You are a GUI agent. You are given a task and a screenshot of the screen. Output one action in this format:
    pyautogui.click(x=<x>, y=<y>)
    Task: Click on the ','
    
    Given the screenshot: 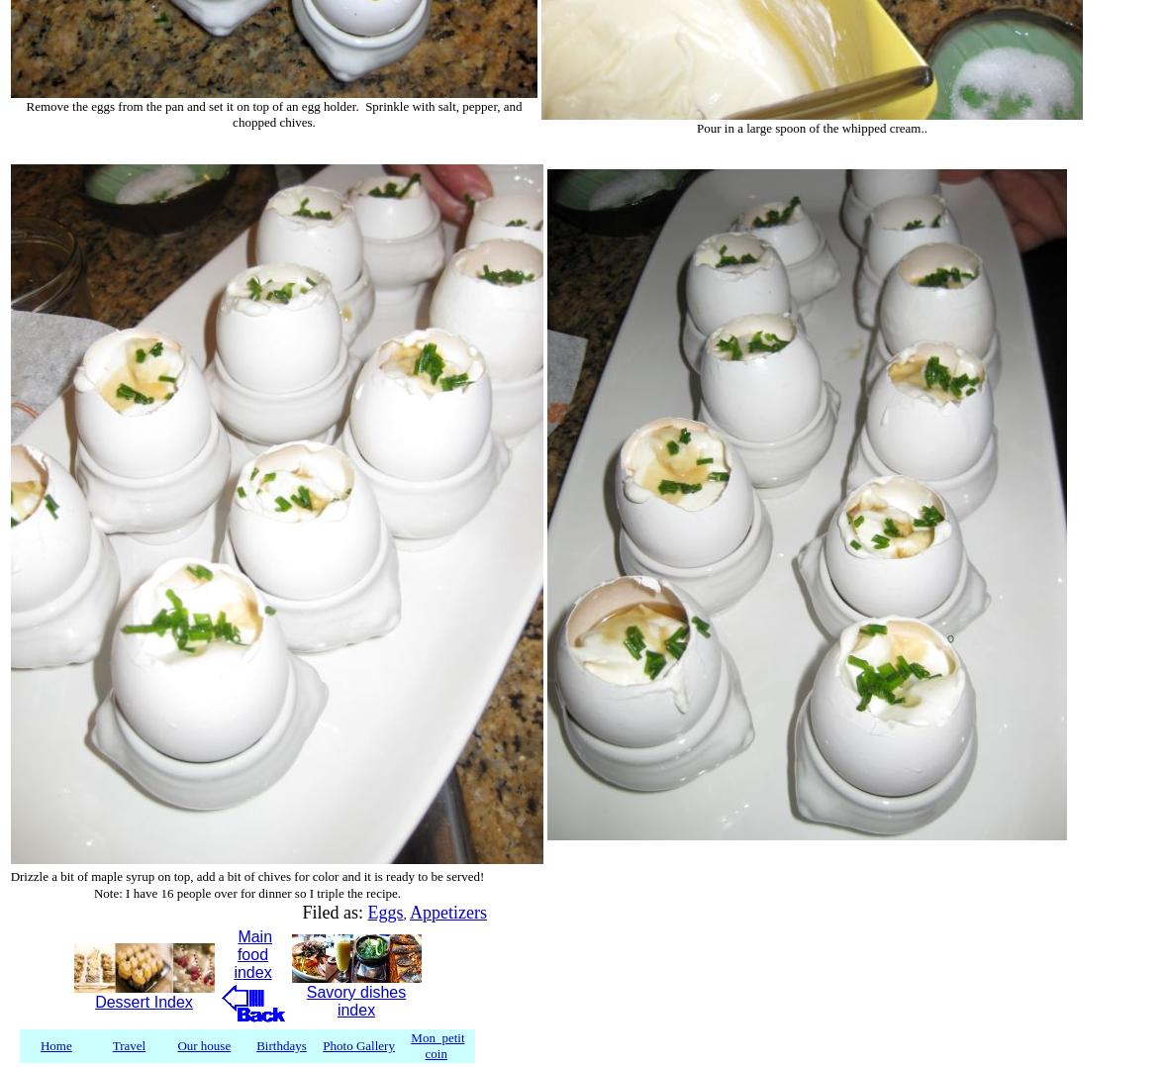 What is the action you would take?
    pyautogui.click(x=405, y=914)
    